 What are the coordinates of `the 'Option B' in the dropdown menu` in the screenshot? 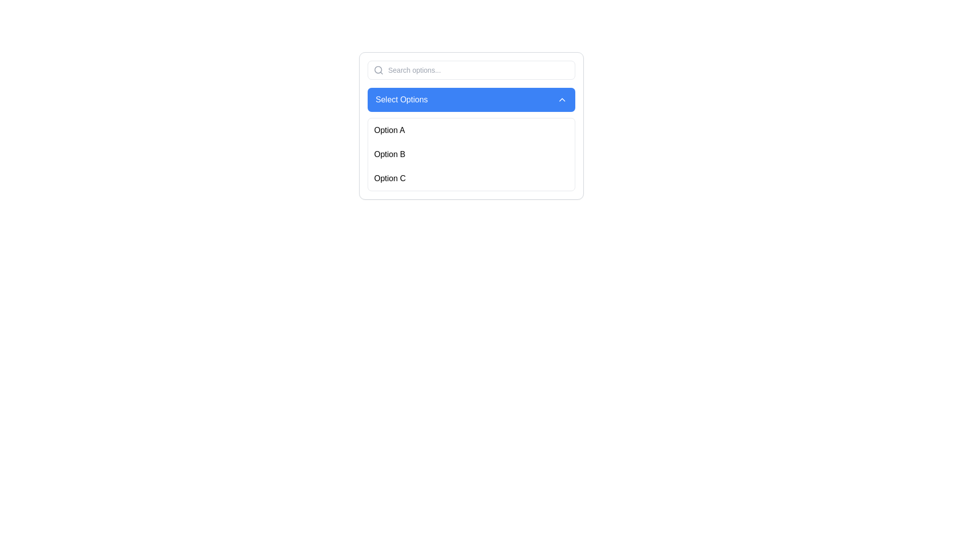 It's located at (471, 125).